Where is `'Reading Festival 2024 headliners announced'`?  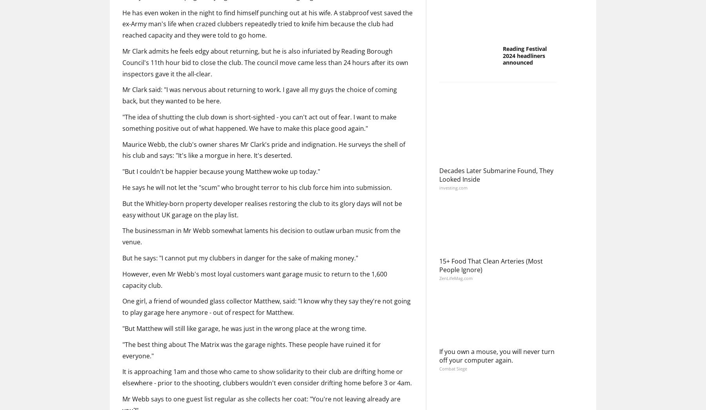 'Reading Festival 2024 headliners announced' is located at coordinates (502, 118).